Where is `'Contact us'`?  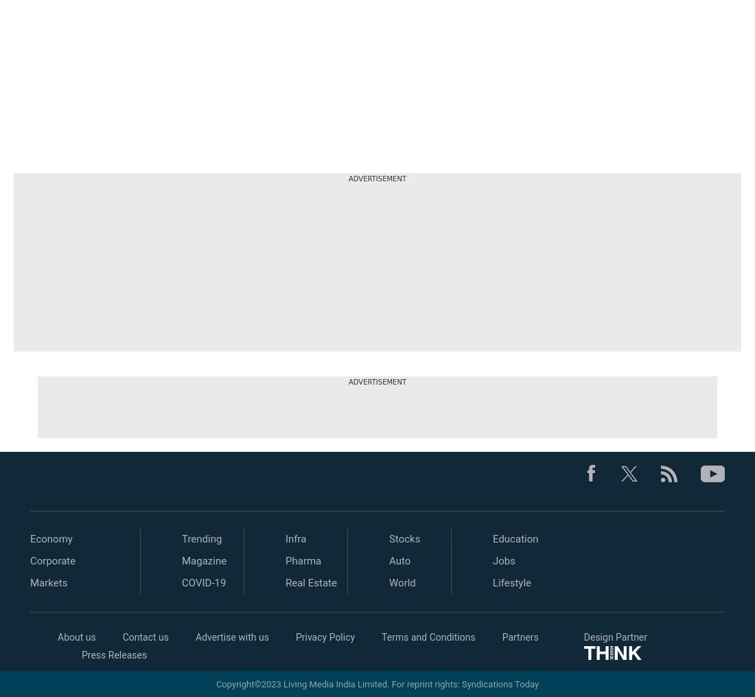
'Contact us' is located at coordinates (121, 635).